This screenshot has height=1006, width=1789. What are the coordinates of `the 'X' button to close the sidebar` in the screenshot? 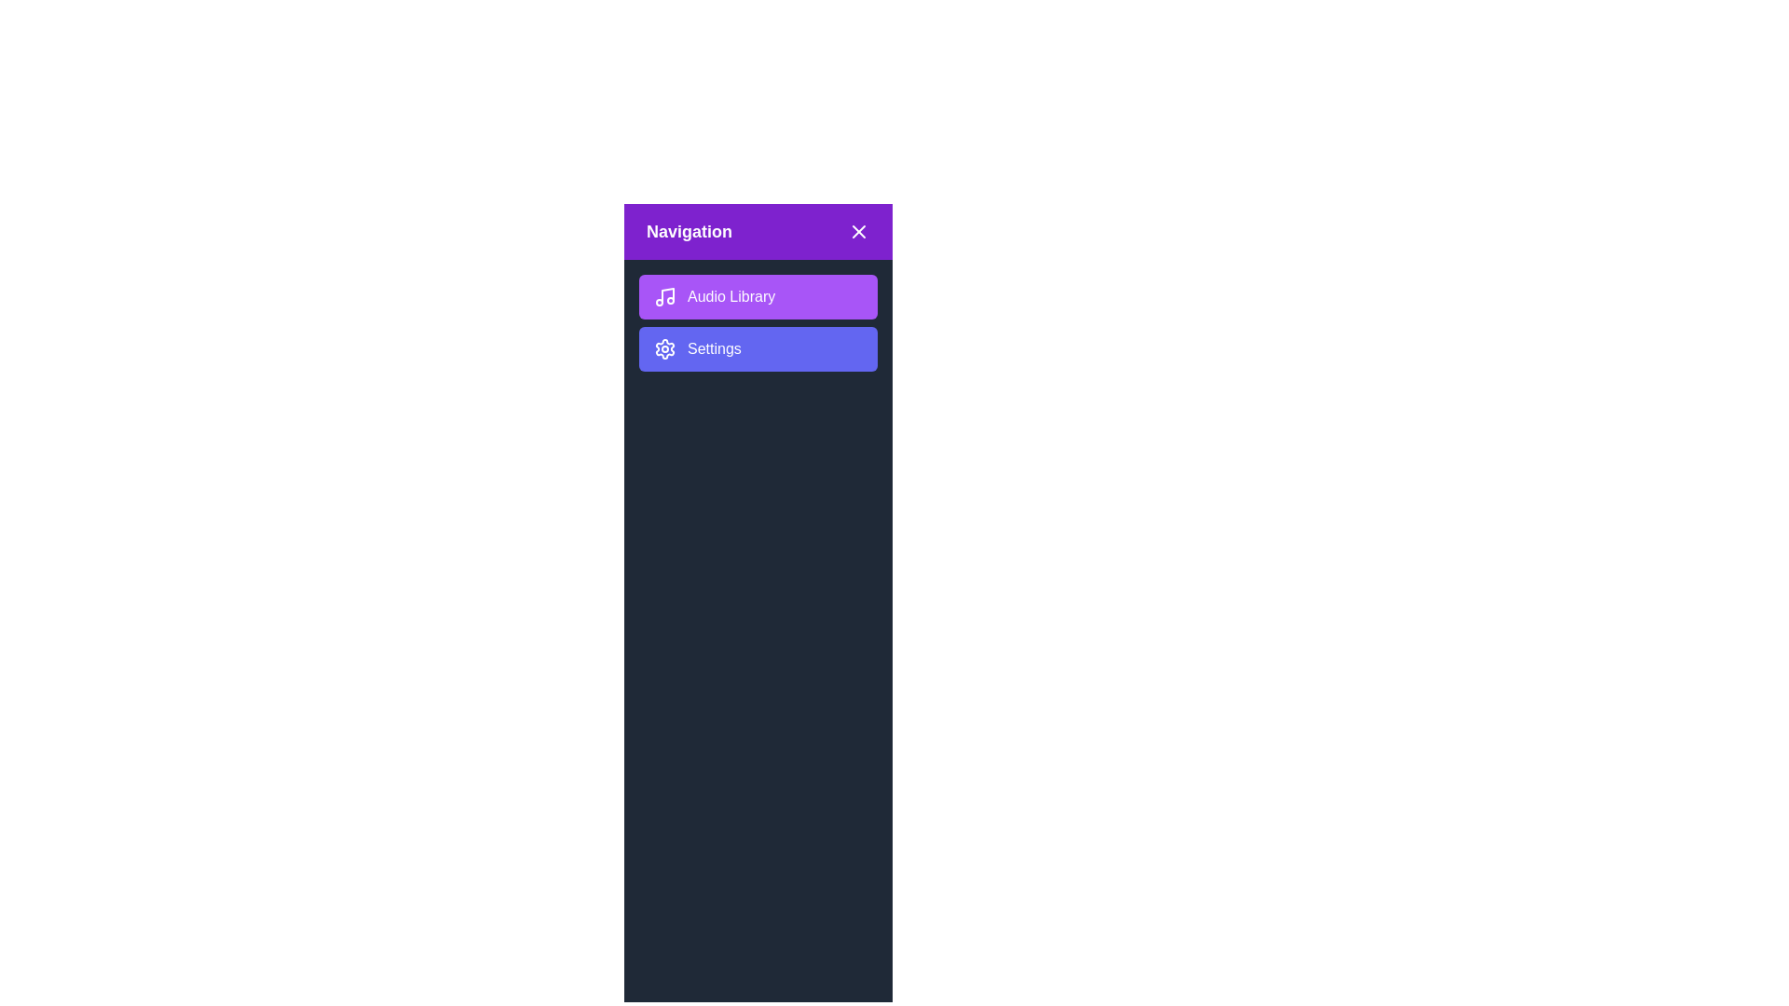 It's located at (857, 231).